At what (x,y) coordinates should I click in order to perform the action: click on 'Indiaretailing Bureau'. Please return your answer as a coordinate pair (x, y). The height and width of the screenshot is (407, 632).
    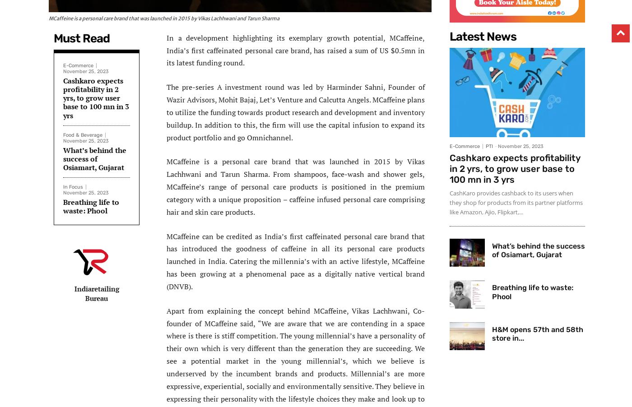
    Looking at the image, I should click on (96, 292).